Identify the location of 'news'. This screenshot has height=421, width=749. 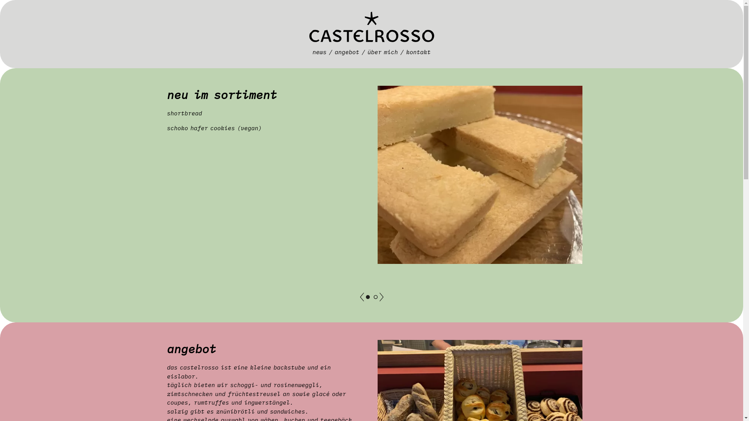
(319, 52).